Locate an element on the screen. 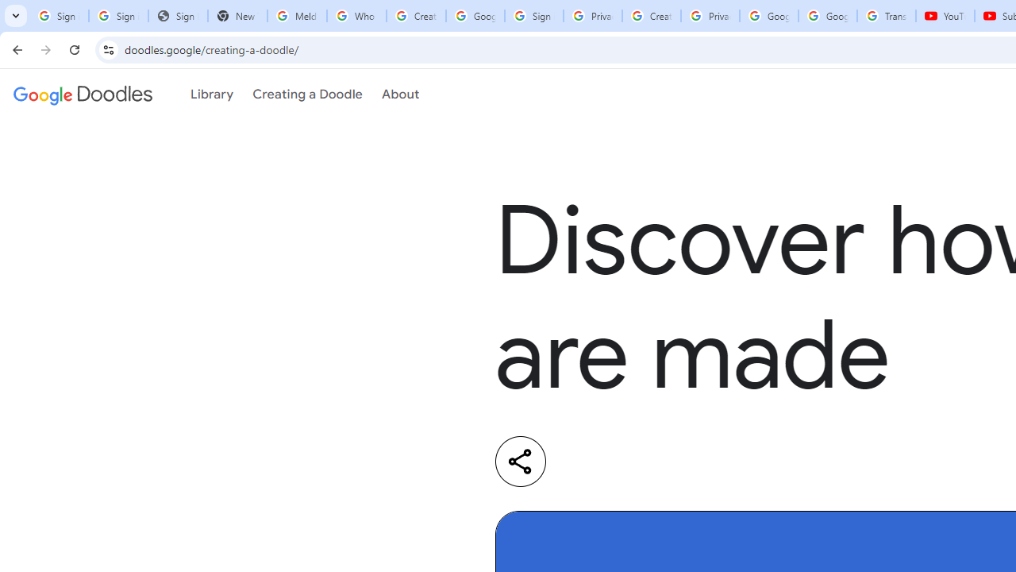 The width and height of the screenshot is (1016, 572). 'Library' is located at coordinates (211, 95).